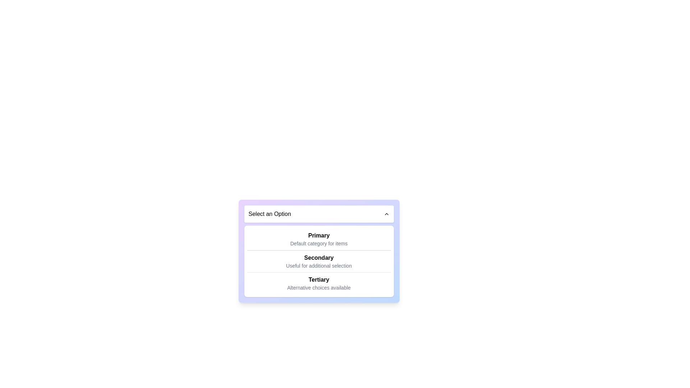  What do you see at coordinates (318, 239) in the screenshot?
I see `the first list item labeled 'Primary' which has a description 'Default category for items'` at bounding box center [318, 239].